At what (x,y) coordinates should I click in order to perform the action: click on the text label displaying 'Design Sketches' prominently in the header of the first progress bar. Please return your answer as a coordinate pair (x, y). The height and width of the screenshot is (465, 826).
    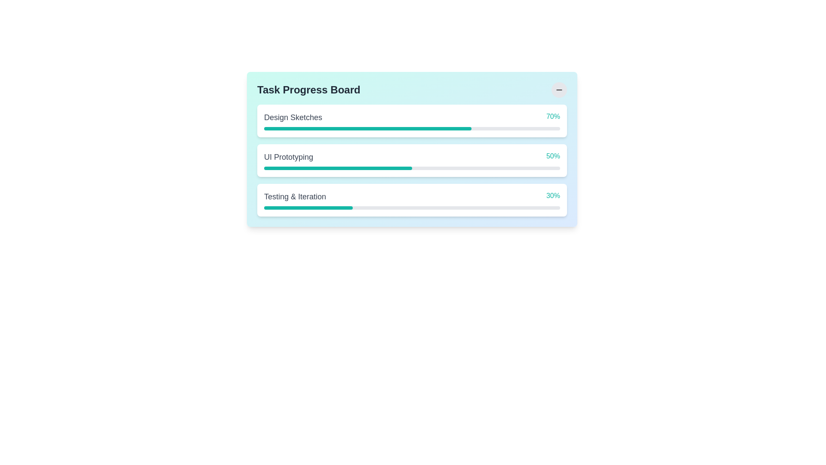
    Looking at the image, I should click on (293, 118).